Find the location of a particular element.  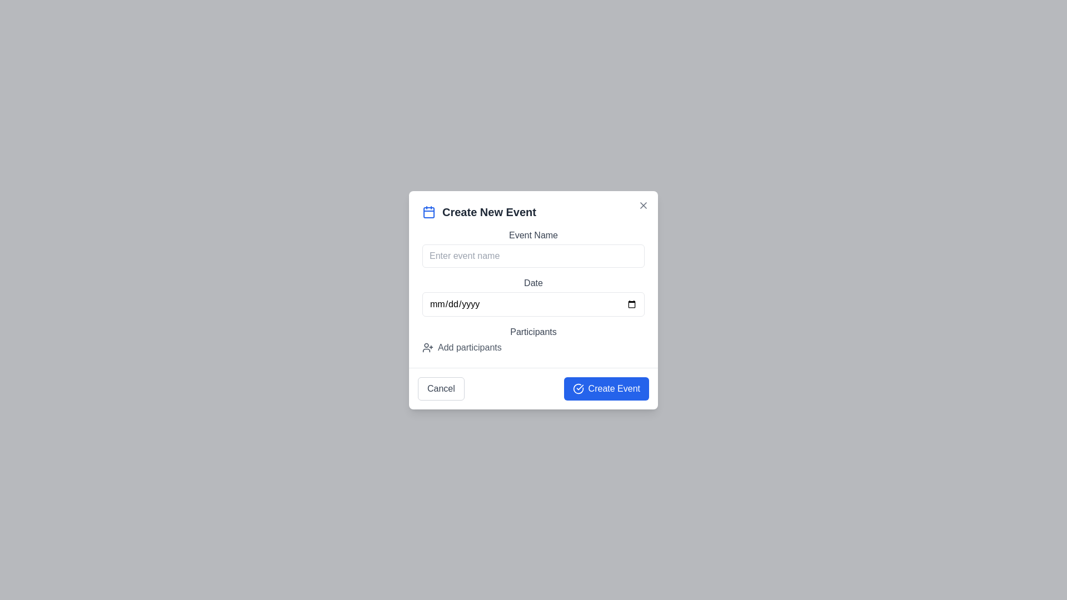

a date from the 'Date' picker in the centered modal dialog for creating an event, which has a white background and rounded edges is located at coordinates (533, 300).